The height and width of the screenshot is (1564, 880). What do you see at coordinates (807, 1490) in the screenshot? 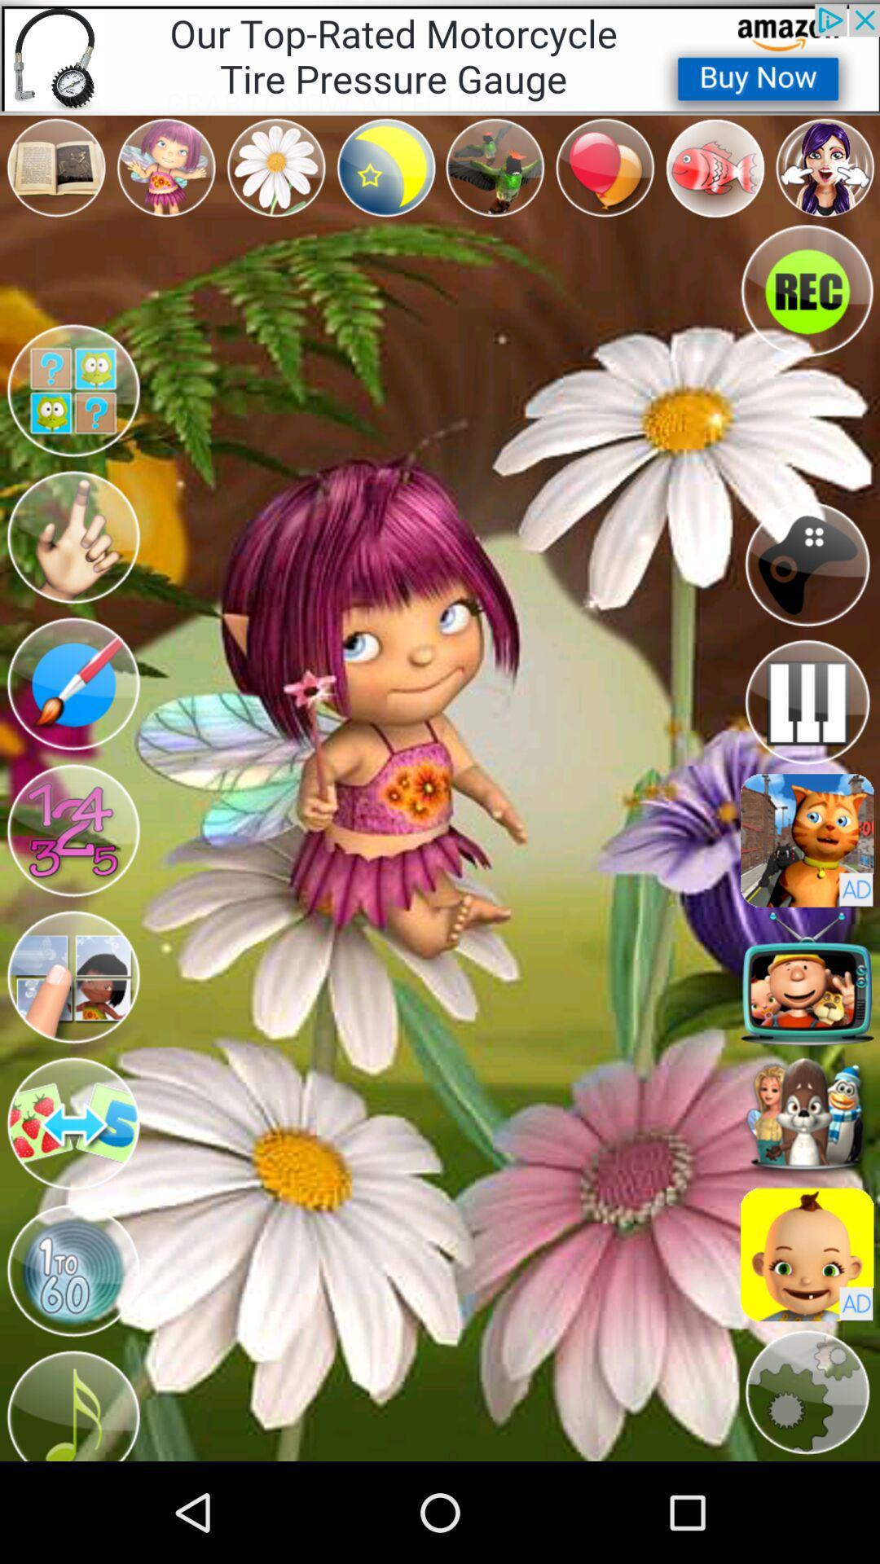
I see `the settings icon` at bounding box center [807, 1490].